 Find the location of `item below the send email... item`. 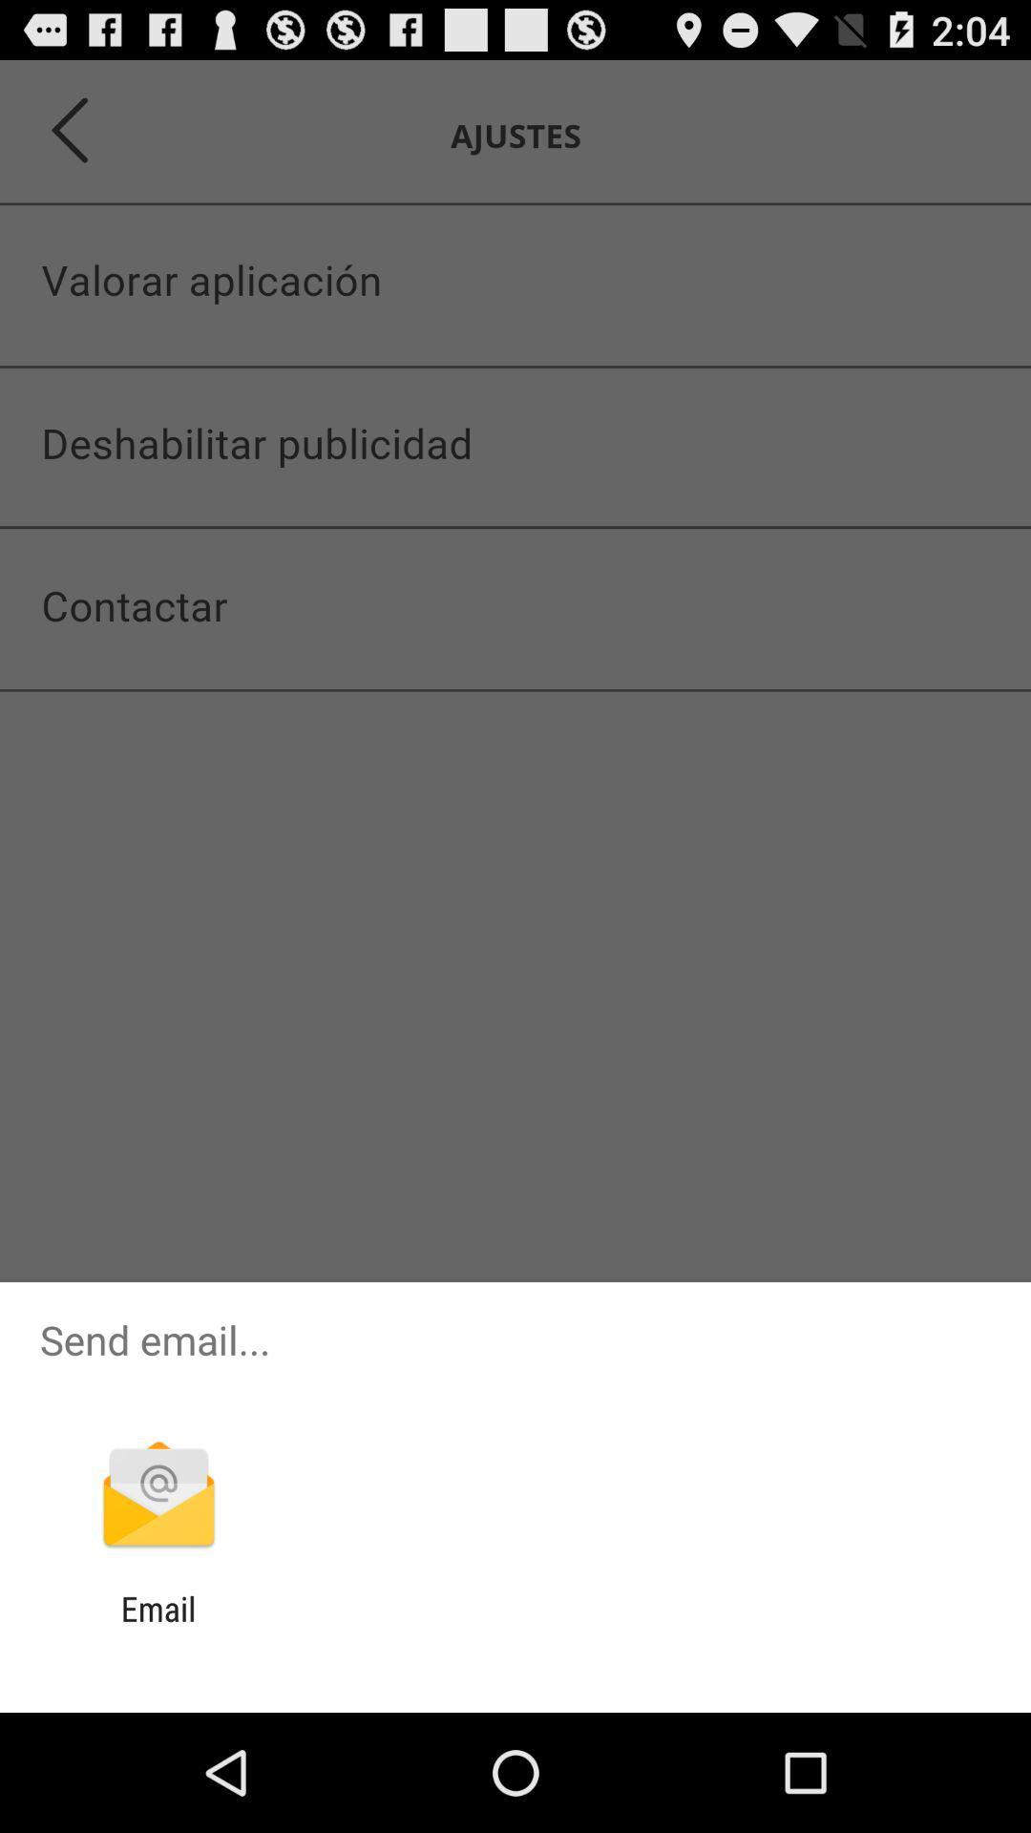

item below the send email... item is located at coordinates (158, 1496).